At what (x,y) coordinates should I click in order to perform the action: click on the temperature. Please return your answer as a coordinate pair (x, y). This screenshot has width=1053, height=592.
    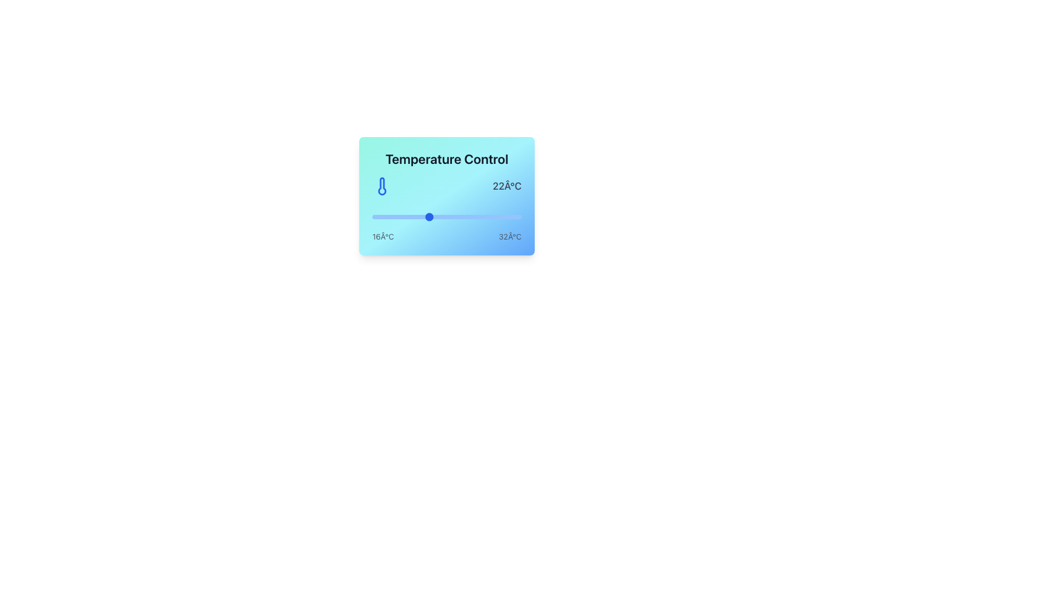
    Looking at the image, I should click on (502, 217).